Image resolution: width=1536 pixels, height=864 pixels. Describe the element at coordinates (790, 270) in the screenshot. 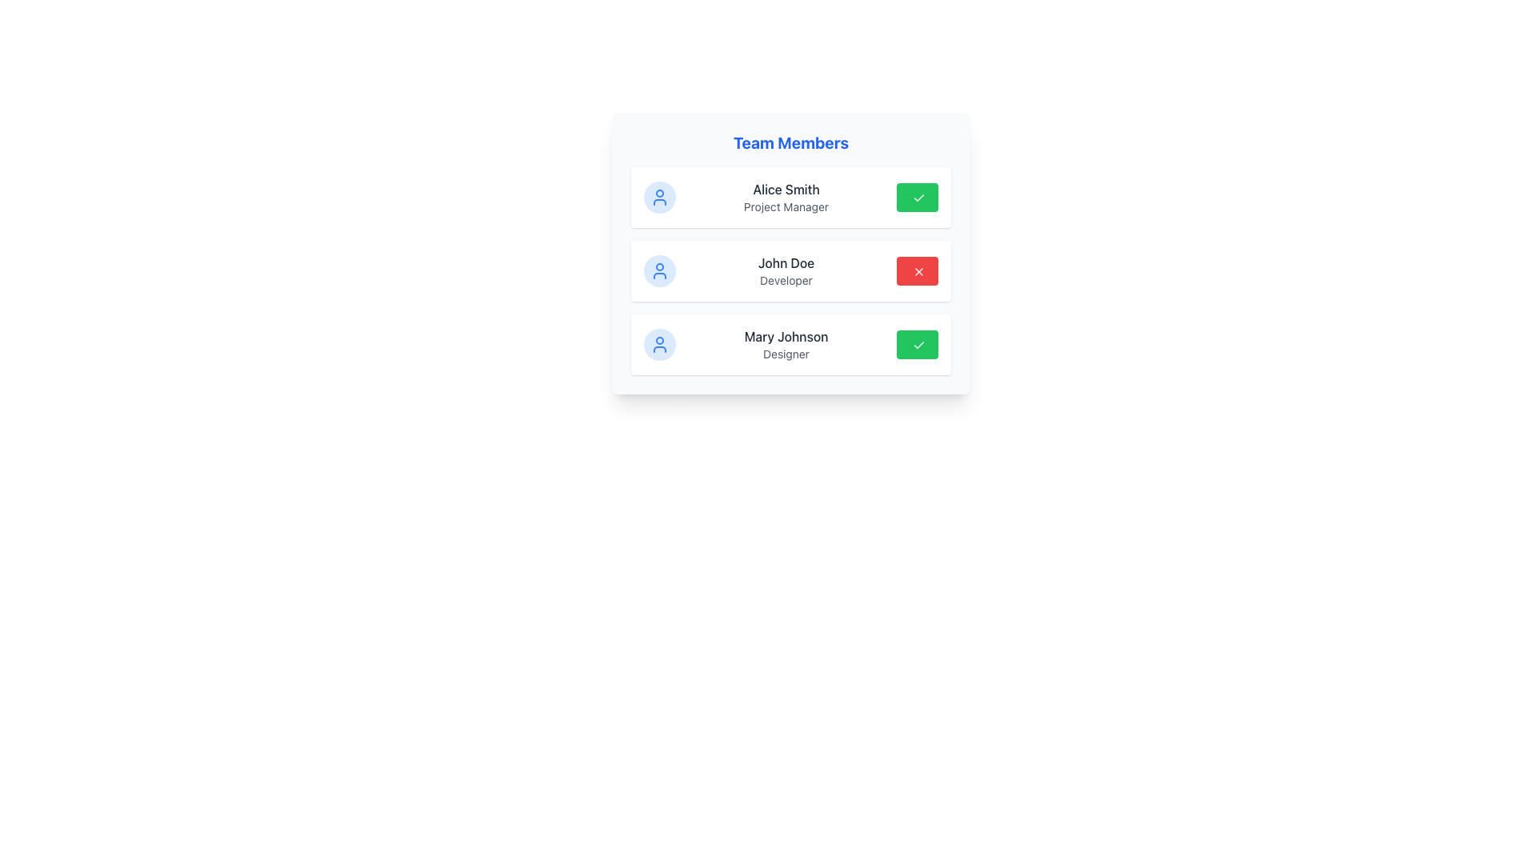

I see `the second team member list item in the 'Team Members' panel, which is positioned between Alice Smith and Mary Johnson` at that location.